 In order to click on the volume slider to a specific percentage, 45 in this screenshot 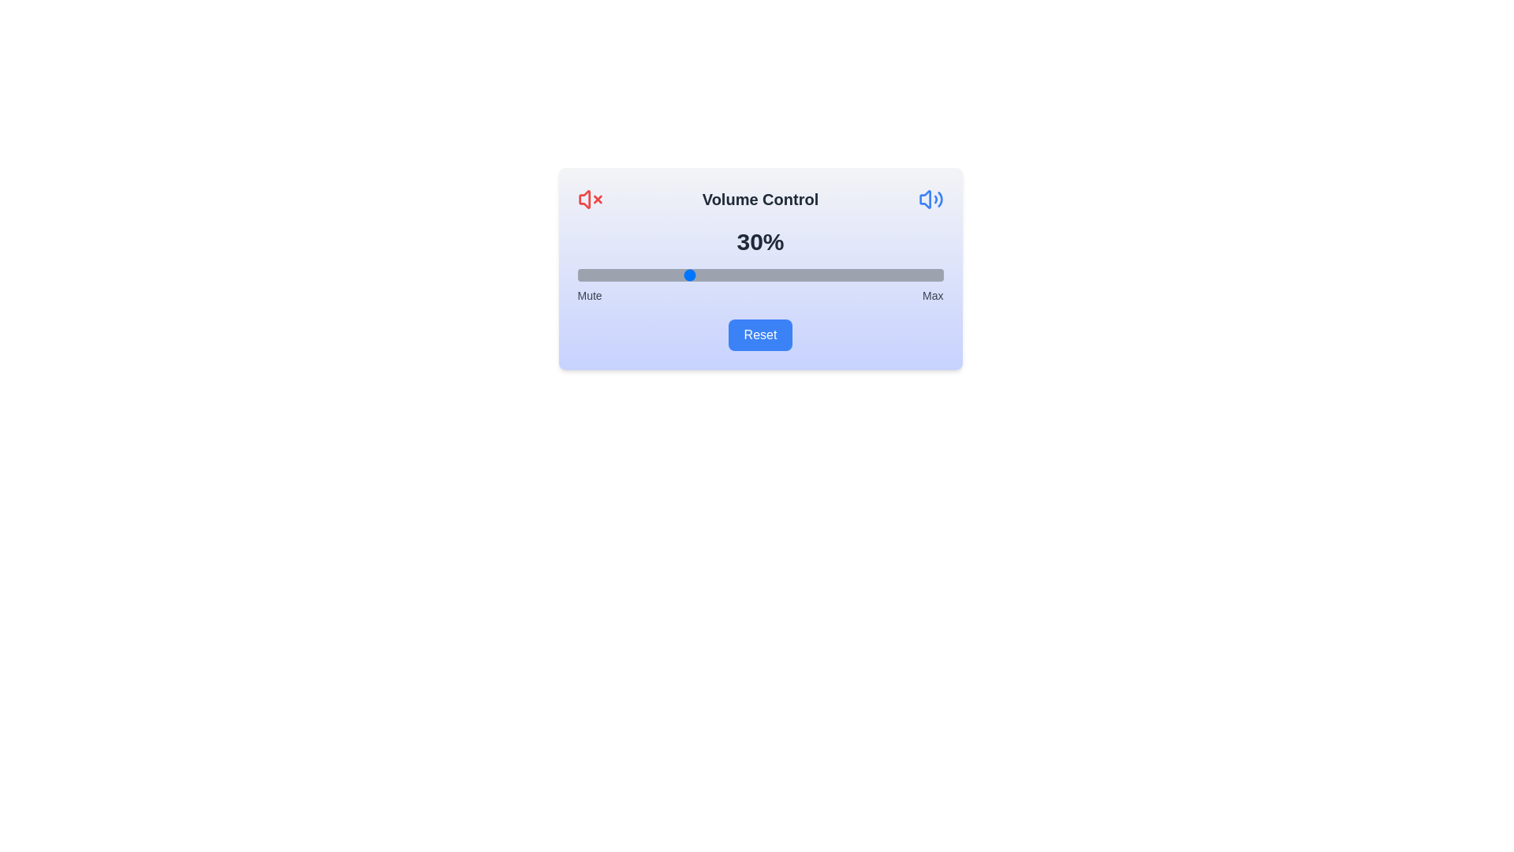, I will do `click(741, 274)`.